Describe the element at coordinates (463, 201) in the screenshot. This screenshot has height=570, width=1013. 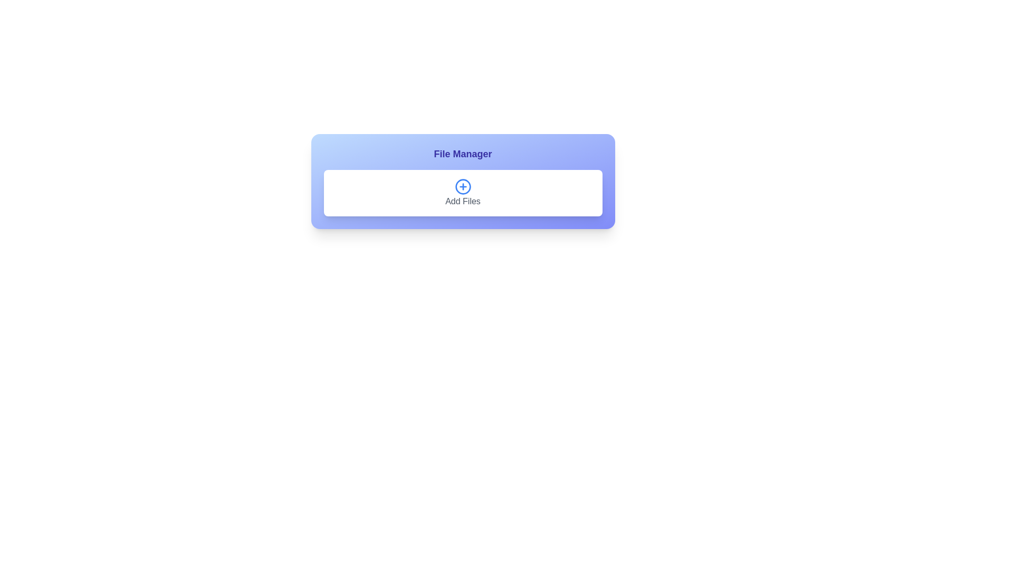
I see `the 'Add Files' text label, which is styled in gray and located below a circular '+' icon in the 'File Manager' section` at that location.